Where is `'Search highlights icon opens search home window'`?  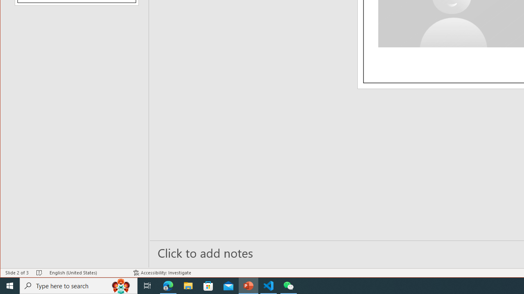
'Search highlights icon opens search home window' is located at coordinates (120, 285).